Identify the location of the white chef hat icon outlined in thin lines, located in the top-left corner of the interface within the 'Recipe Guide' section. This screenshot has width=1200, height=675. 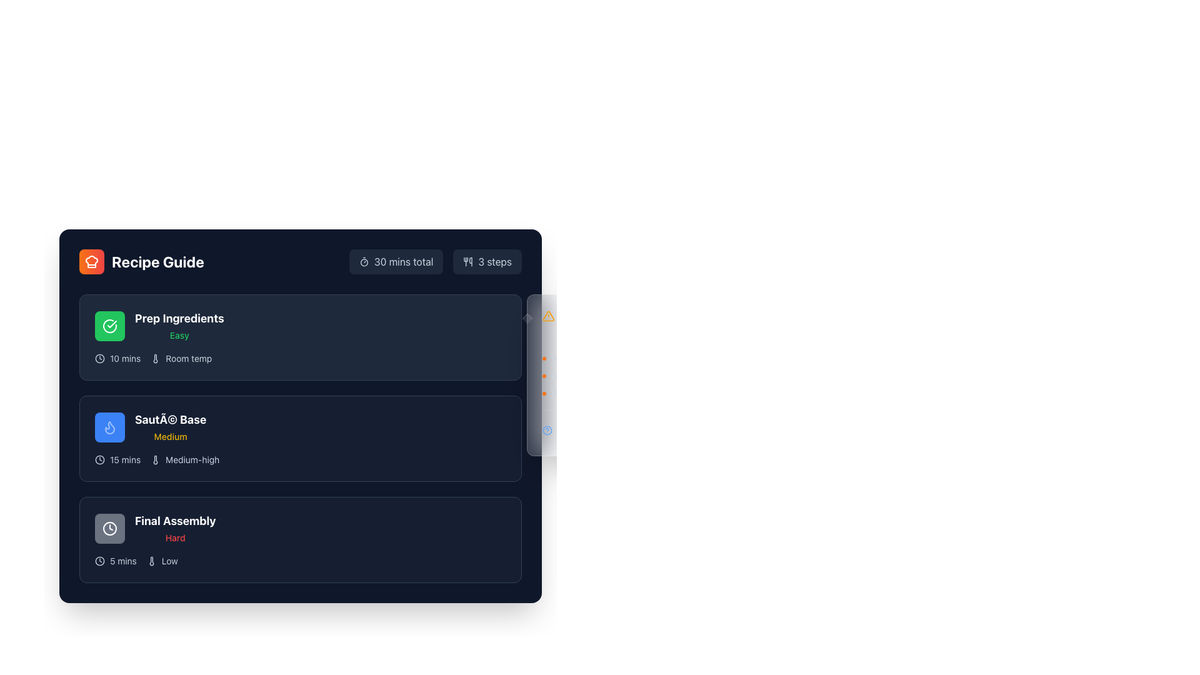
(91, 261).